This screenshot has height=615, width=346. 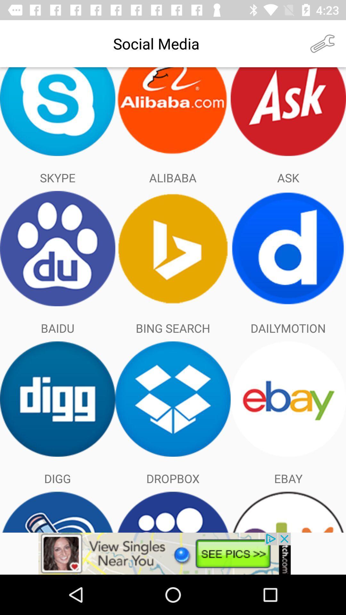 What do you see at coordinates (173, 553) in the screenshot?
I see `image` at bounding box center [173, 553].